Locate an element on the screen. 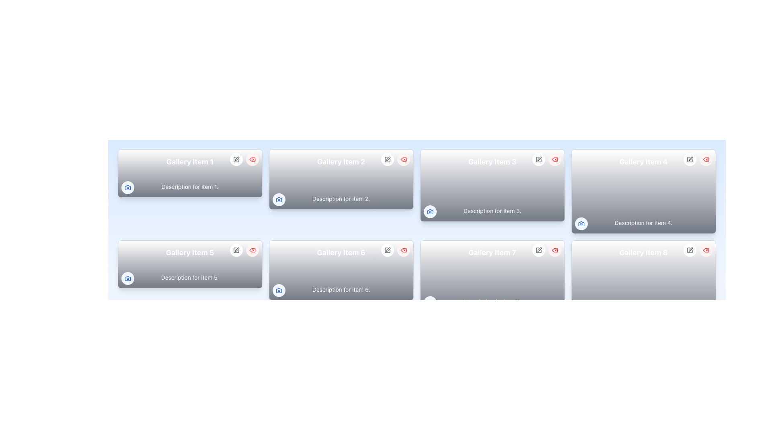 Image resolution: width=772 pixels, height=434 pixels. the edit Button (Icon) located in the top-right corner of the 'Gallery Item 6' card is located at coordinates (388, 249).